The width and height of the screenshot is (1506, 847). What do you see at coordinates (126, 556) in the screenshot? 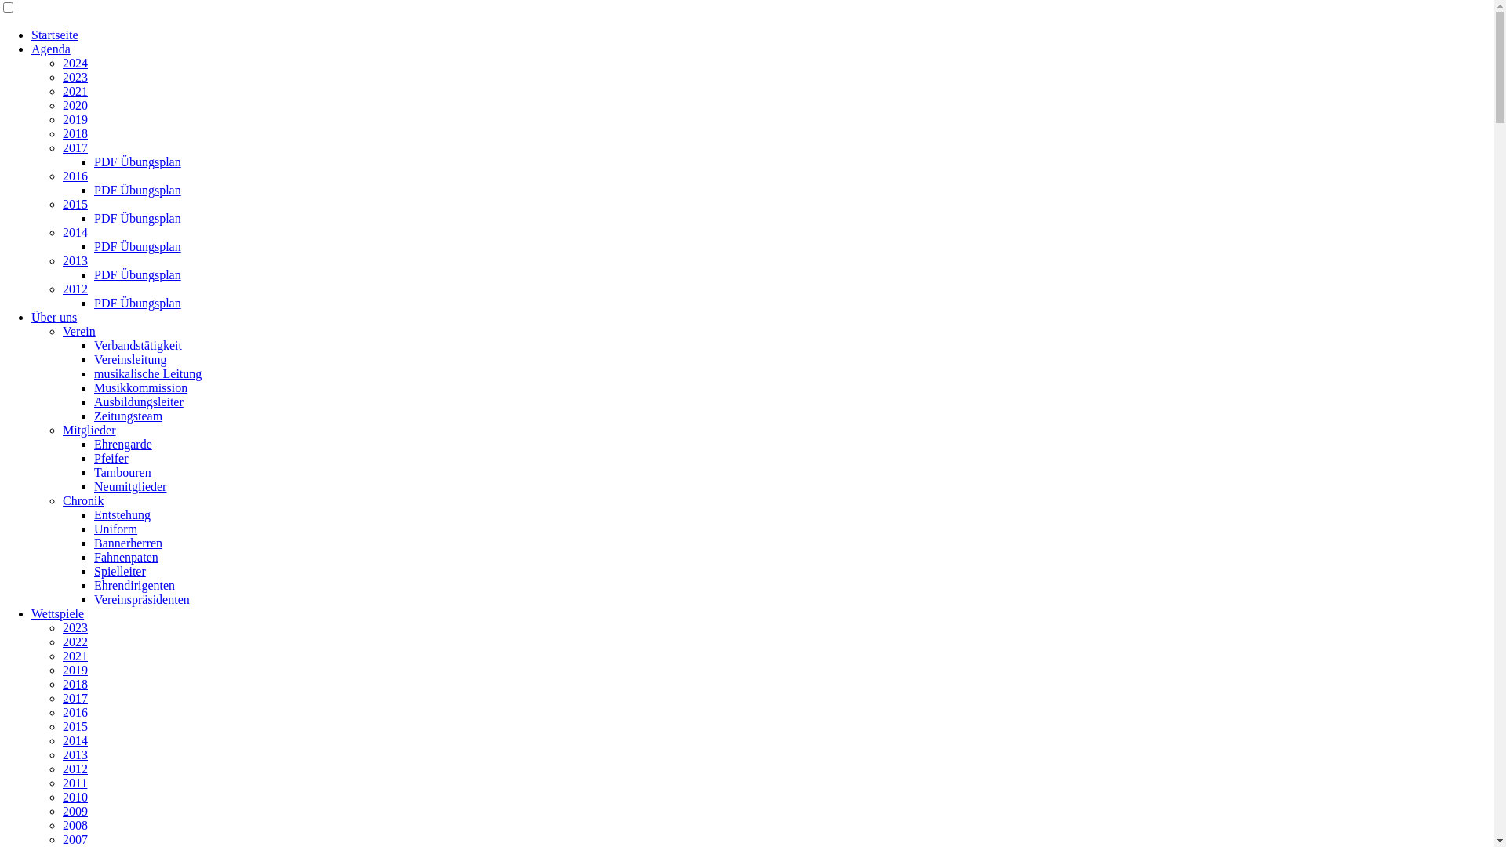
I see `'Fahnenpaten'` at bounding box center [126, 556].